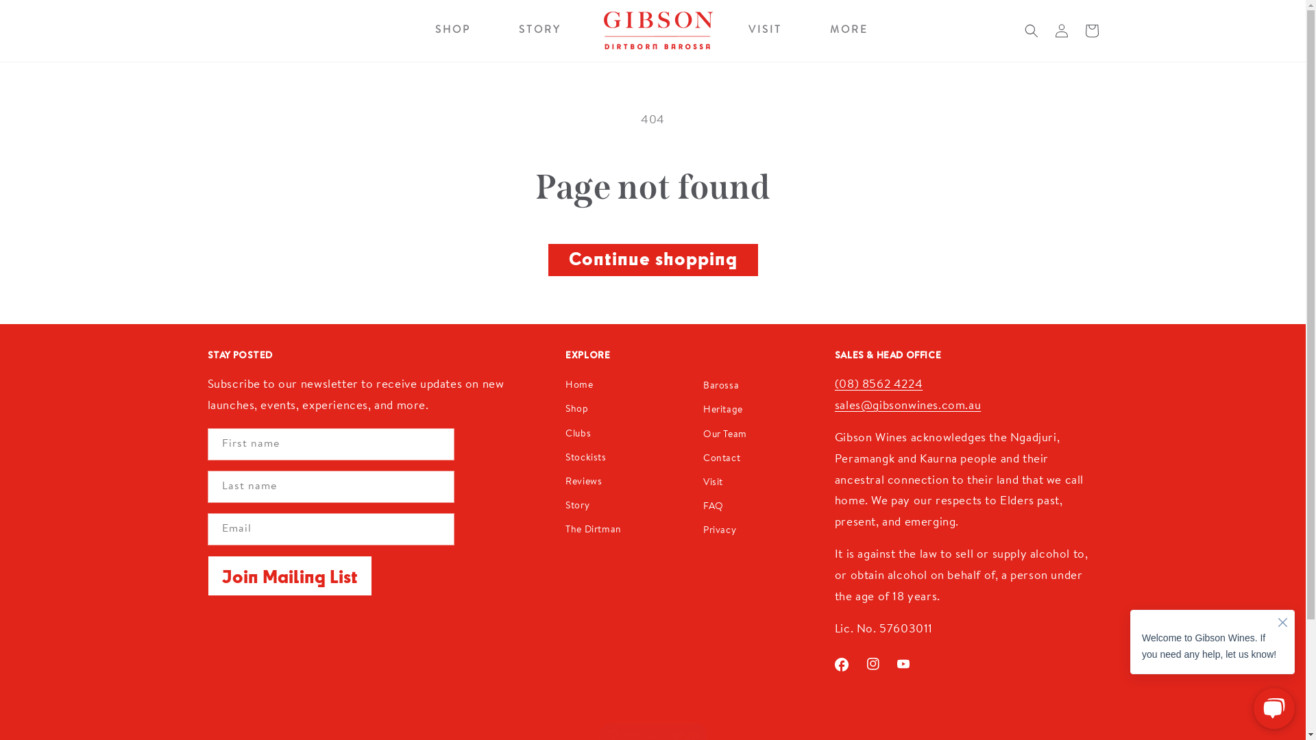  Describe the element at coordinates (720, 386) in the screenshot. I see `'Barossa'` at that location.